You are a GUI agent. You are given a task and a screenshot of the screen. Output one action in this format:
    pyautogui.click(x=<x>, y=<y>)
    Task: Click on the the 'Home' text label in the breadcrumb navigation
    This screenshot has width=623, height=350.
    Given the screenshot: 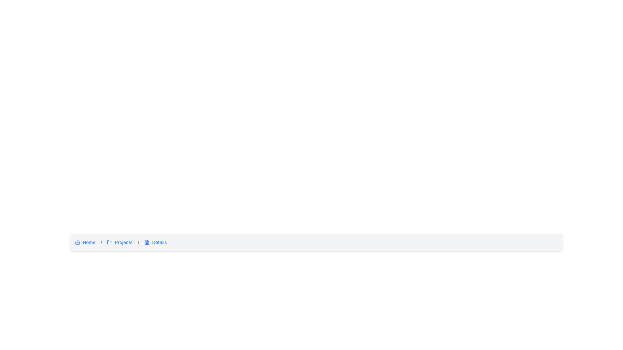 What is the action you would take?
    pyautogui.click(x=89, y=242)
    